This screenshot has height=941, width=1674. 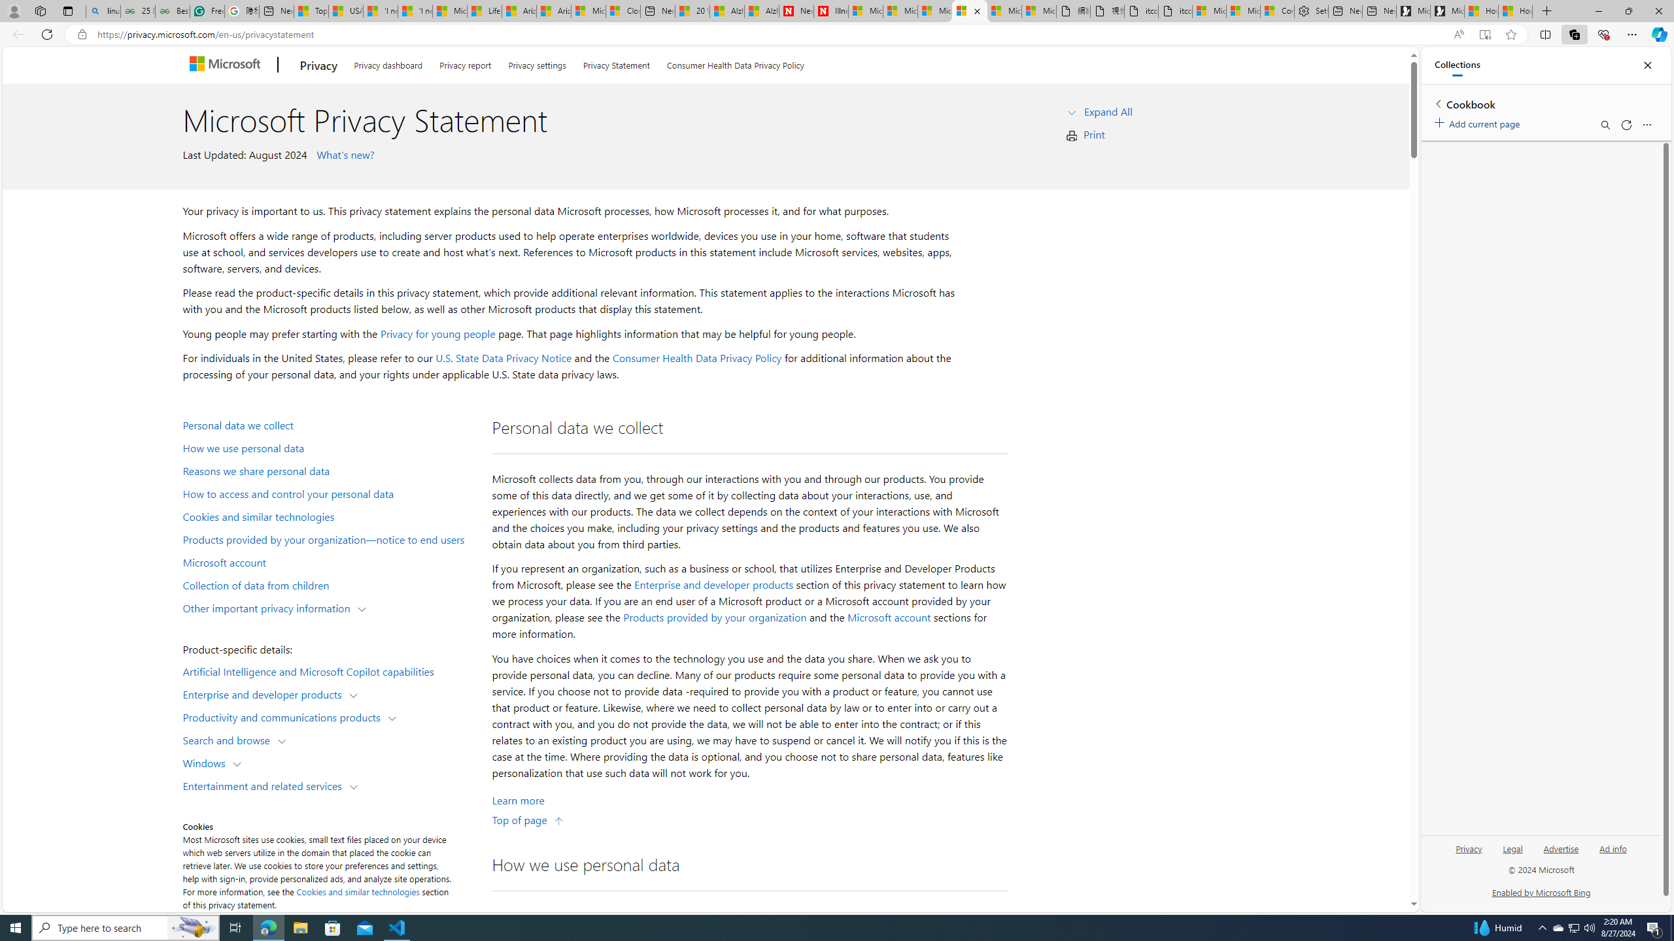 What do you see at coordinates (536, 63) in the screenshot?
I see `'Privacy settings'` at bounding box center [536, 63].